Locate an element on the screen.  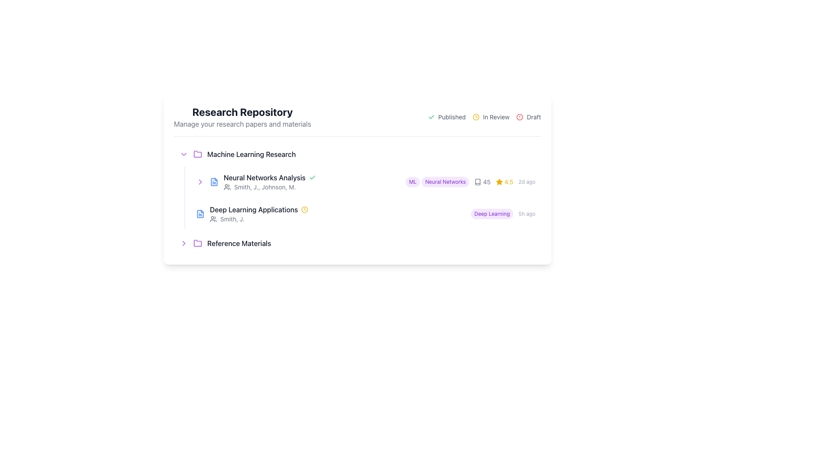
the Decorative SVG circle component of the clock icon indicating the 'In Review' status, located in the row titled 'Deep Learning Applications' is located at coordinates (305, 210).